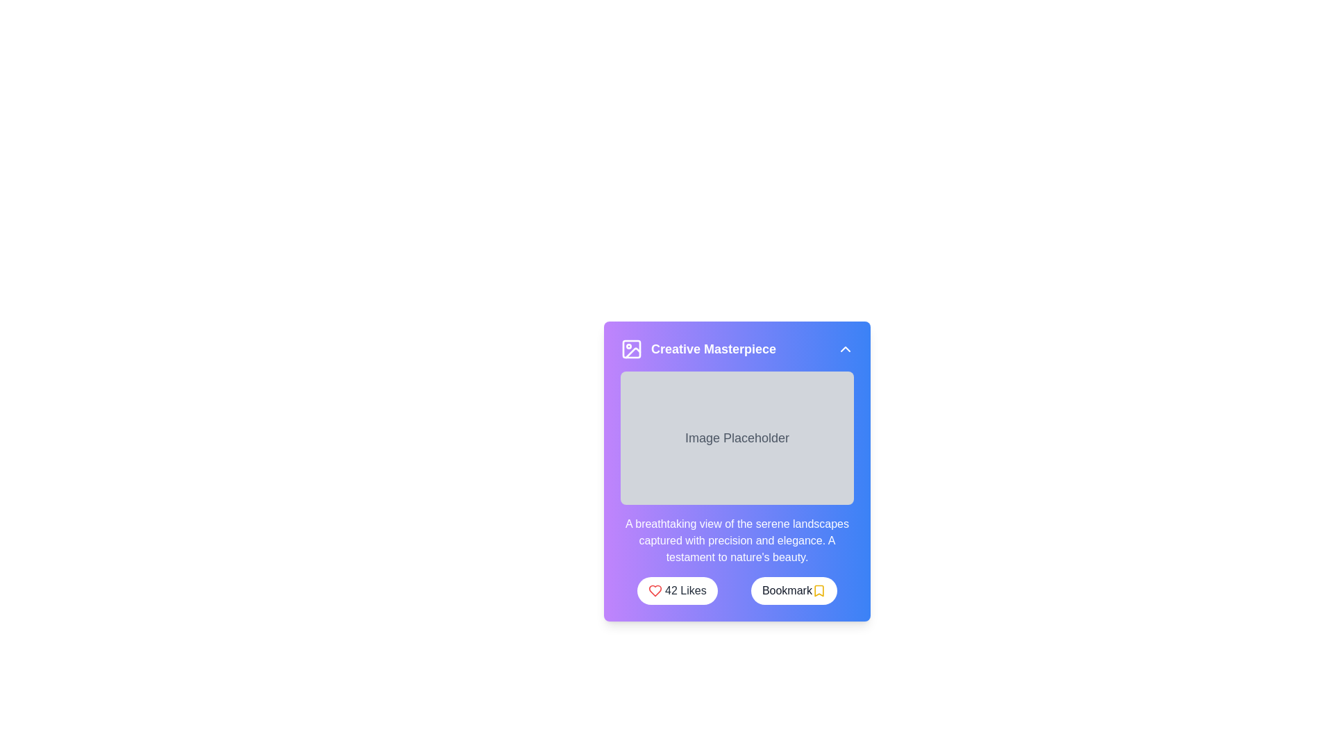 The height and width of the screenshot is (750, 1333). Describe the element at coordinates (736, 438) in the screenshot. I see `the 'Image Placeholder' element, which is a light gray rectangular placeholder with rounded corners and the text 'Image Placeholder,' located in the 'Creative Masterpiece' section above the buttons '42 Likes' and 'Bookmark.'` at that location.